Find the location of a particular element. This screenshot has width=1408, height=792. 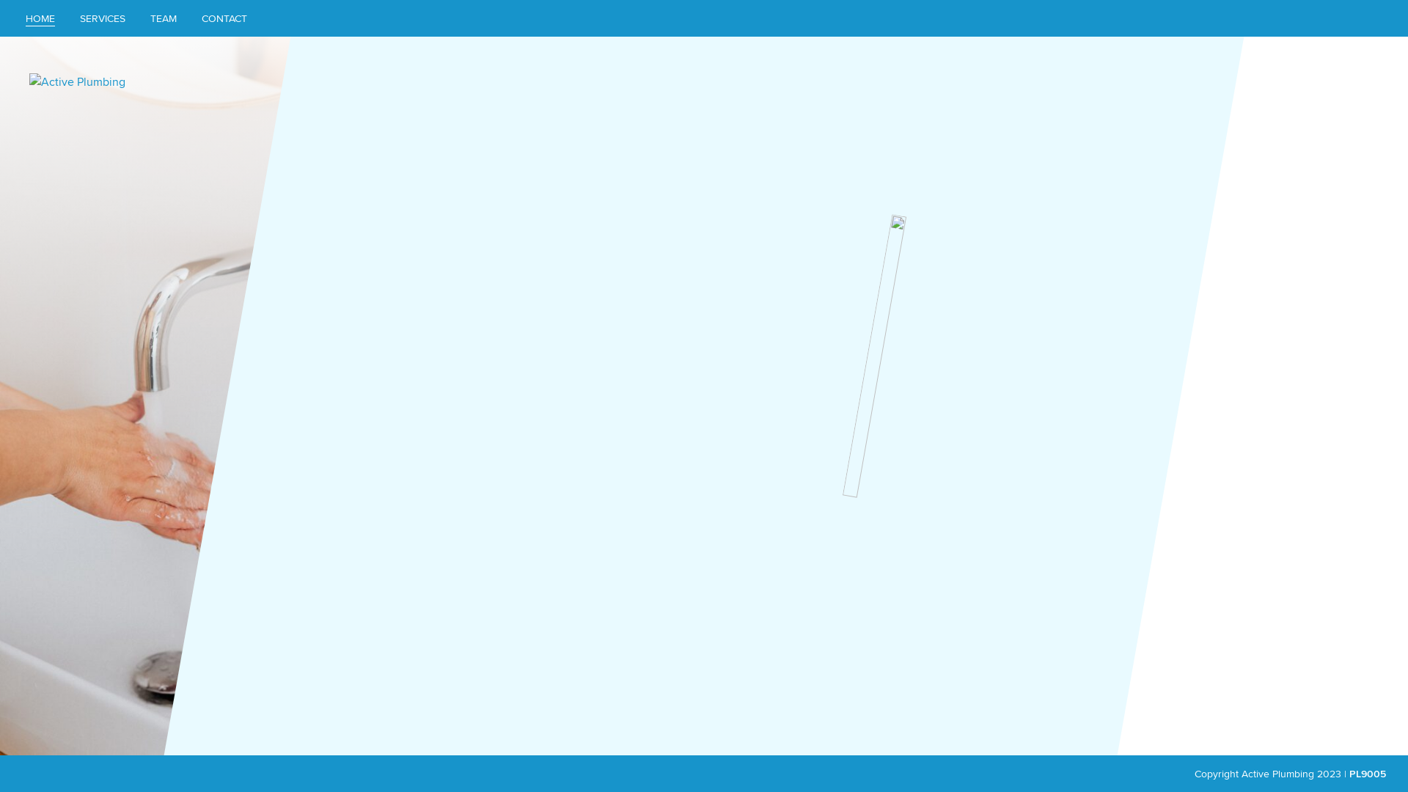

'SERVICES' is located at coordinates (101, 18).